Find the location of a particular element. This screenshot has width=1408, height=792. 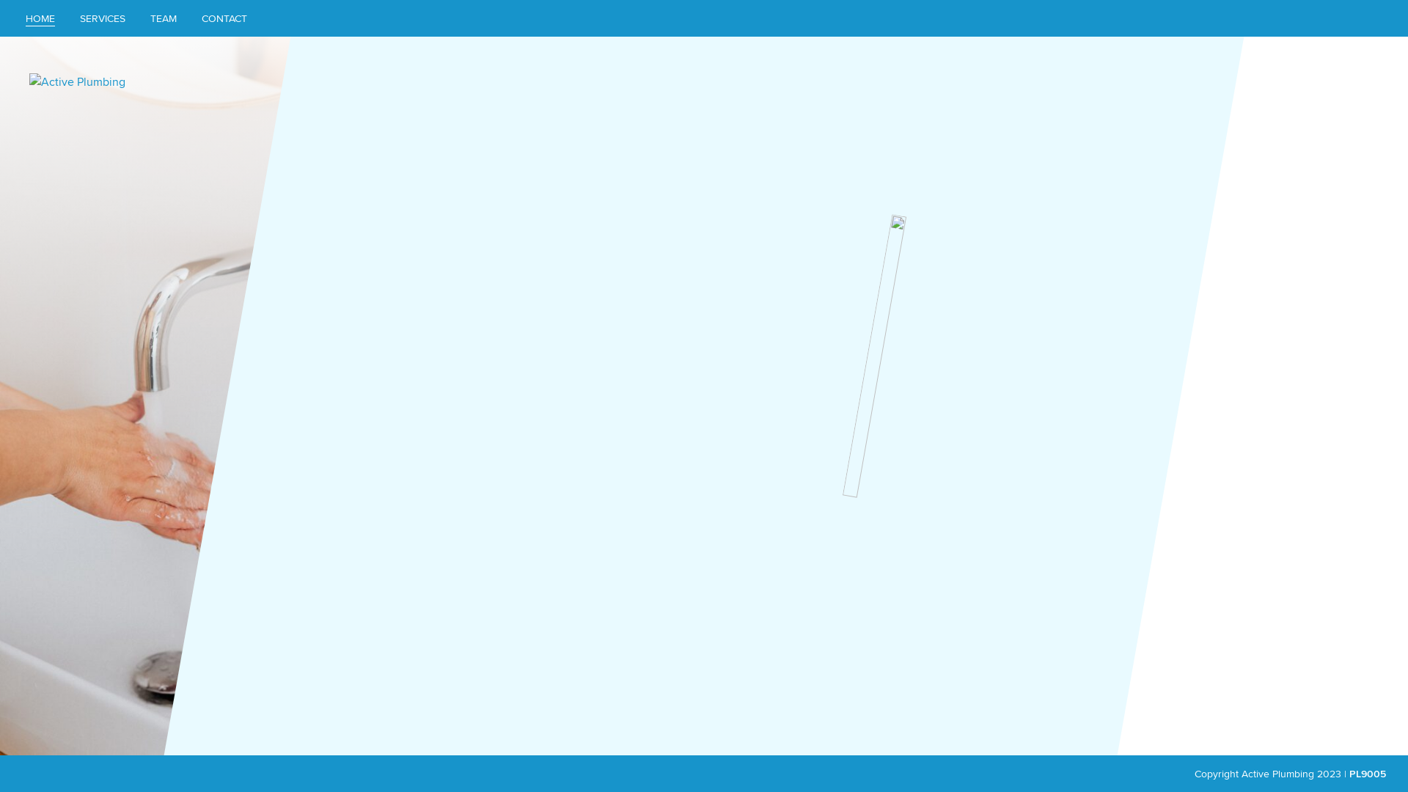

'SERVICES' is located at coordinates (101, 18).